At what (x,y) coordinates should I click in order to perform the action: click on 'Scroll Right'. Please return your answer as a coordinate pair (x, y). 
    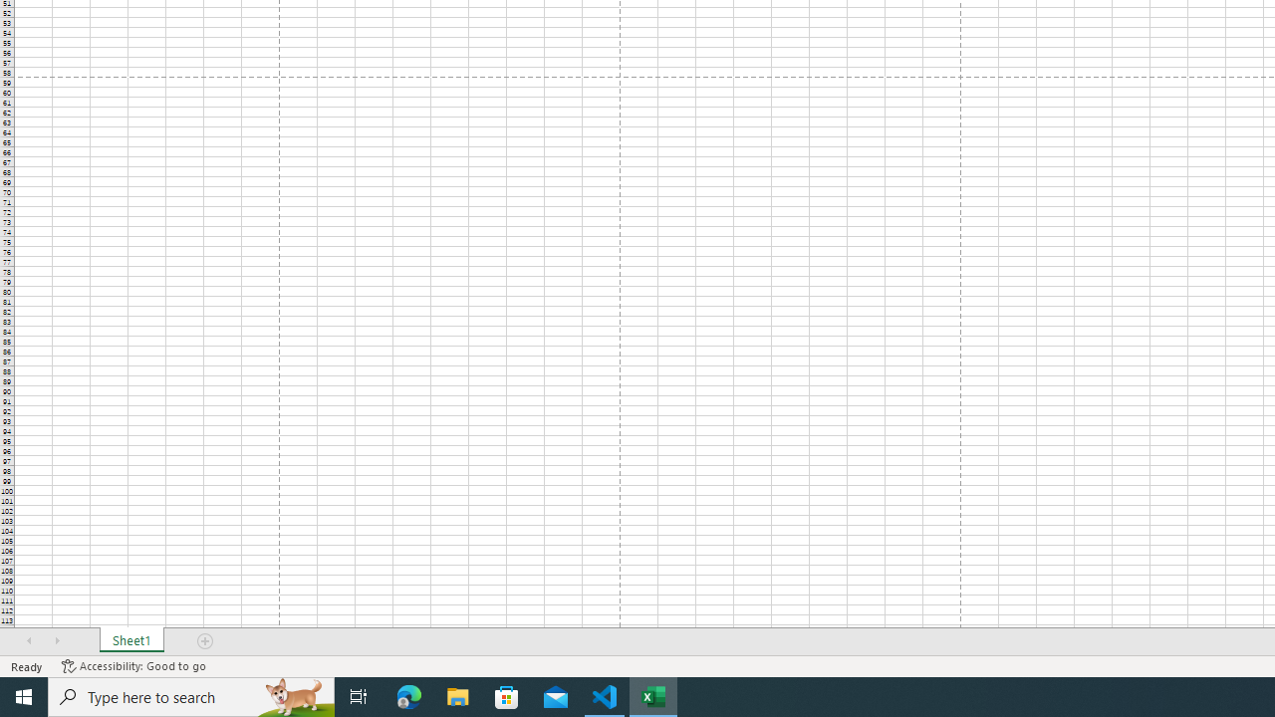
    Looking at the image, I should click on (57, 641).